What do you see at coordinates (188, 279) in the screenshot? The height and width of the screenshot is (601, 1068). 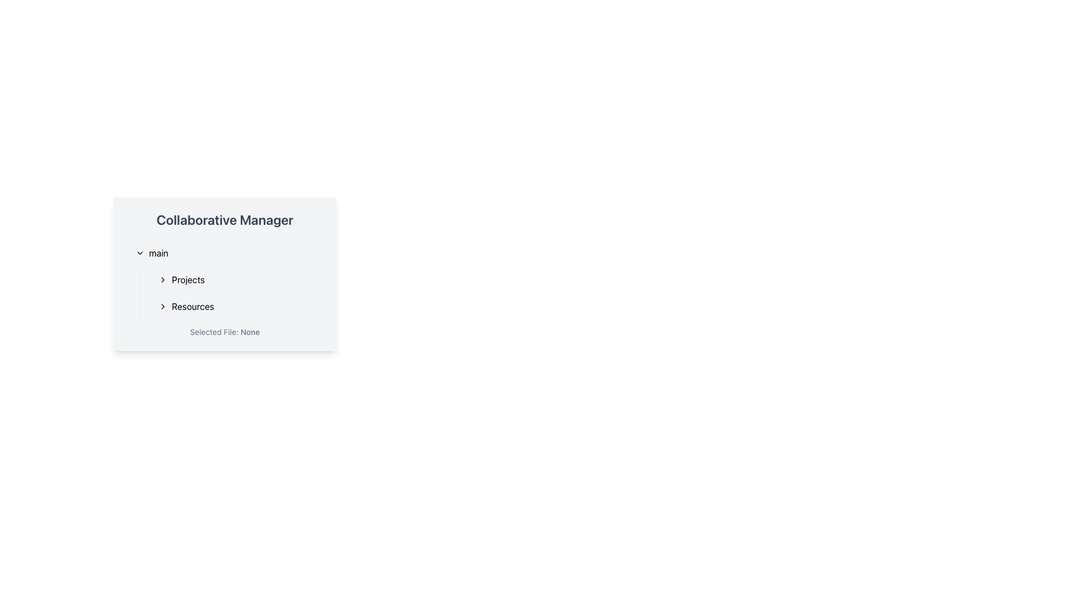 I see `the text label indicating the section or category named 'Projects' located in the vertical sidebar` at bounding box center [188, 279].